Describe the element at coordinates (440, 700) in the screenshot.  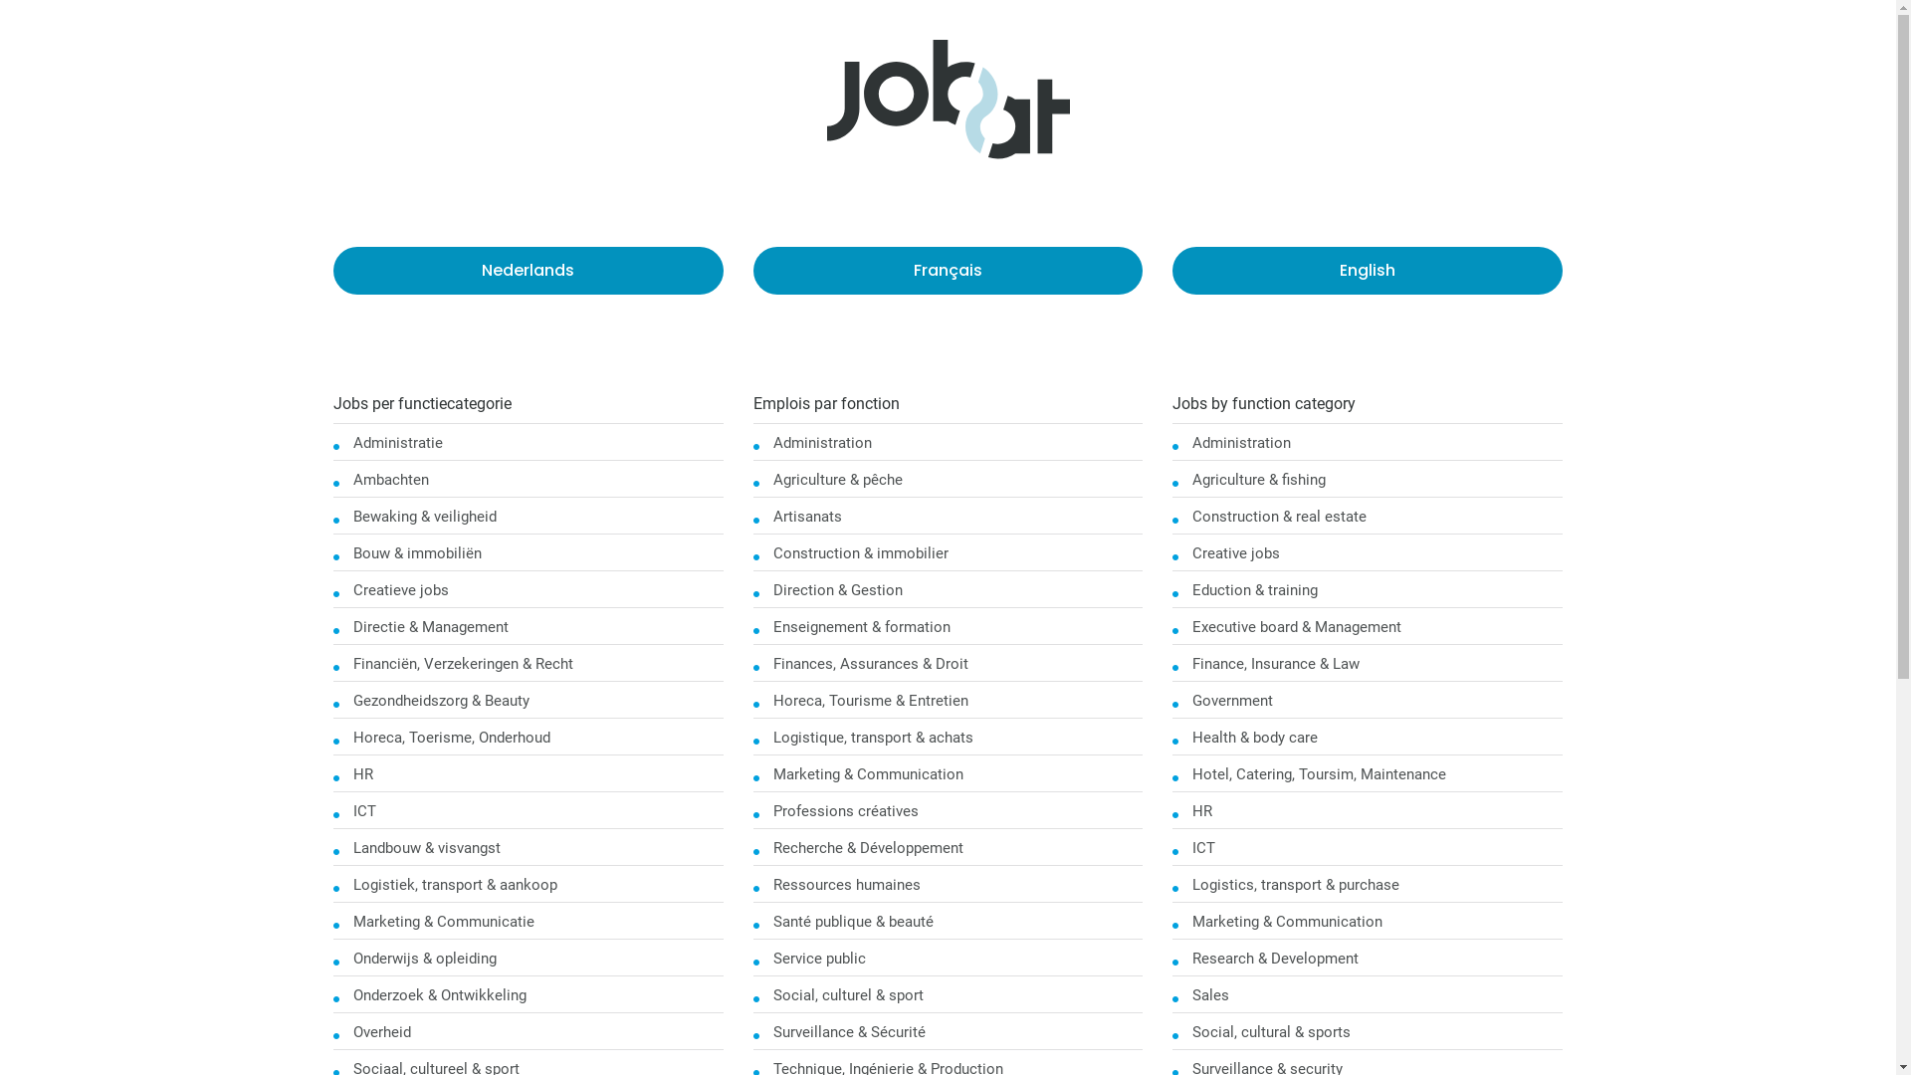
I see `'Gezondheidszorg & Beauty'` at that location.